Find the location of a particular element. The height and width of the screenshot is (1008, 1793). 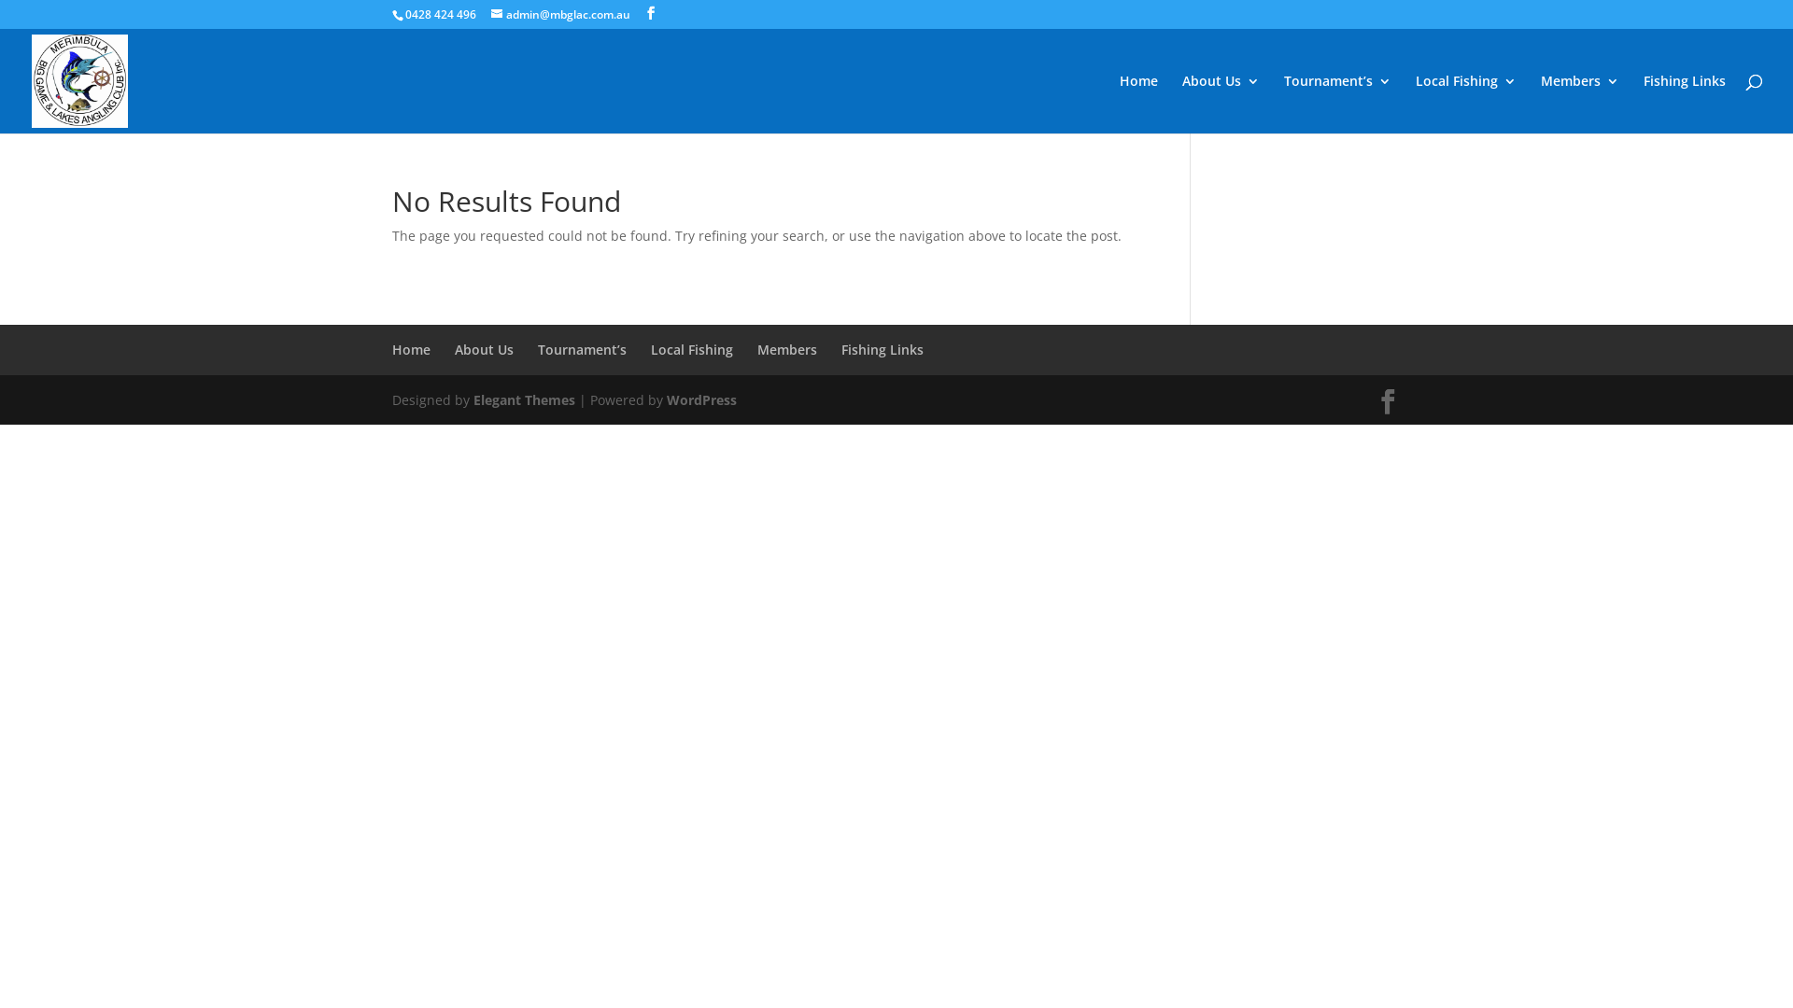

'WordPress' is located at coordinates (700, 399).